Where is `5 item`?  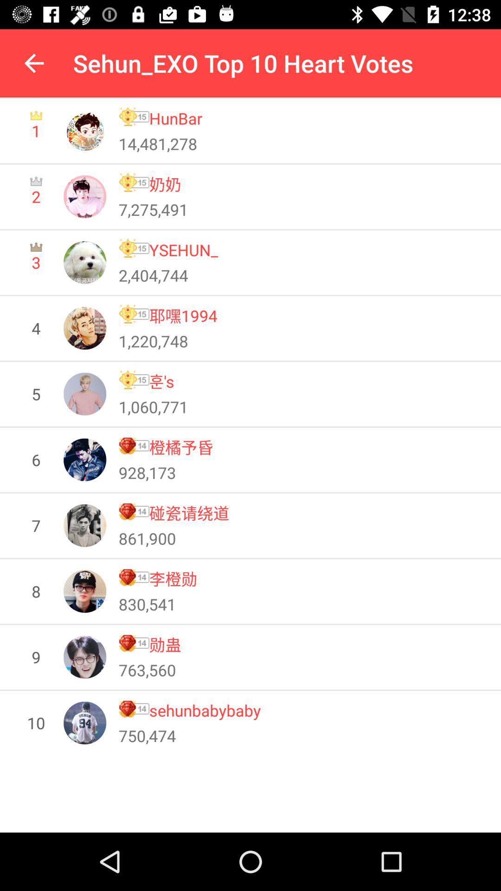
5 item is located at coordinates (35, 394).